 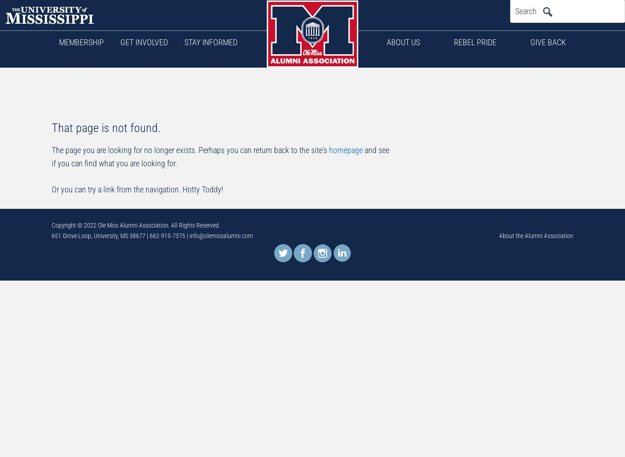 What do you see at coordinates (536, 236) in the screenshot?
I see `'About the Alumni Association'` at bounding box center [536, 236].